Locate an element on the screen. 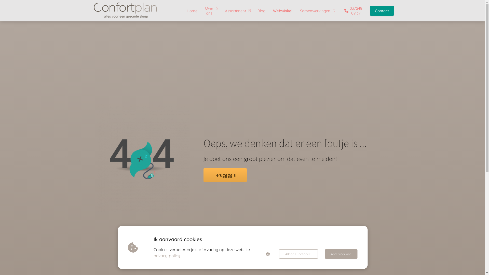 The height and width of the screenshot is (275, 489). 'privacy-policy' is located at coordinates (167, 255).